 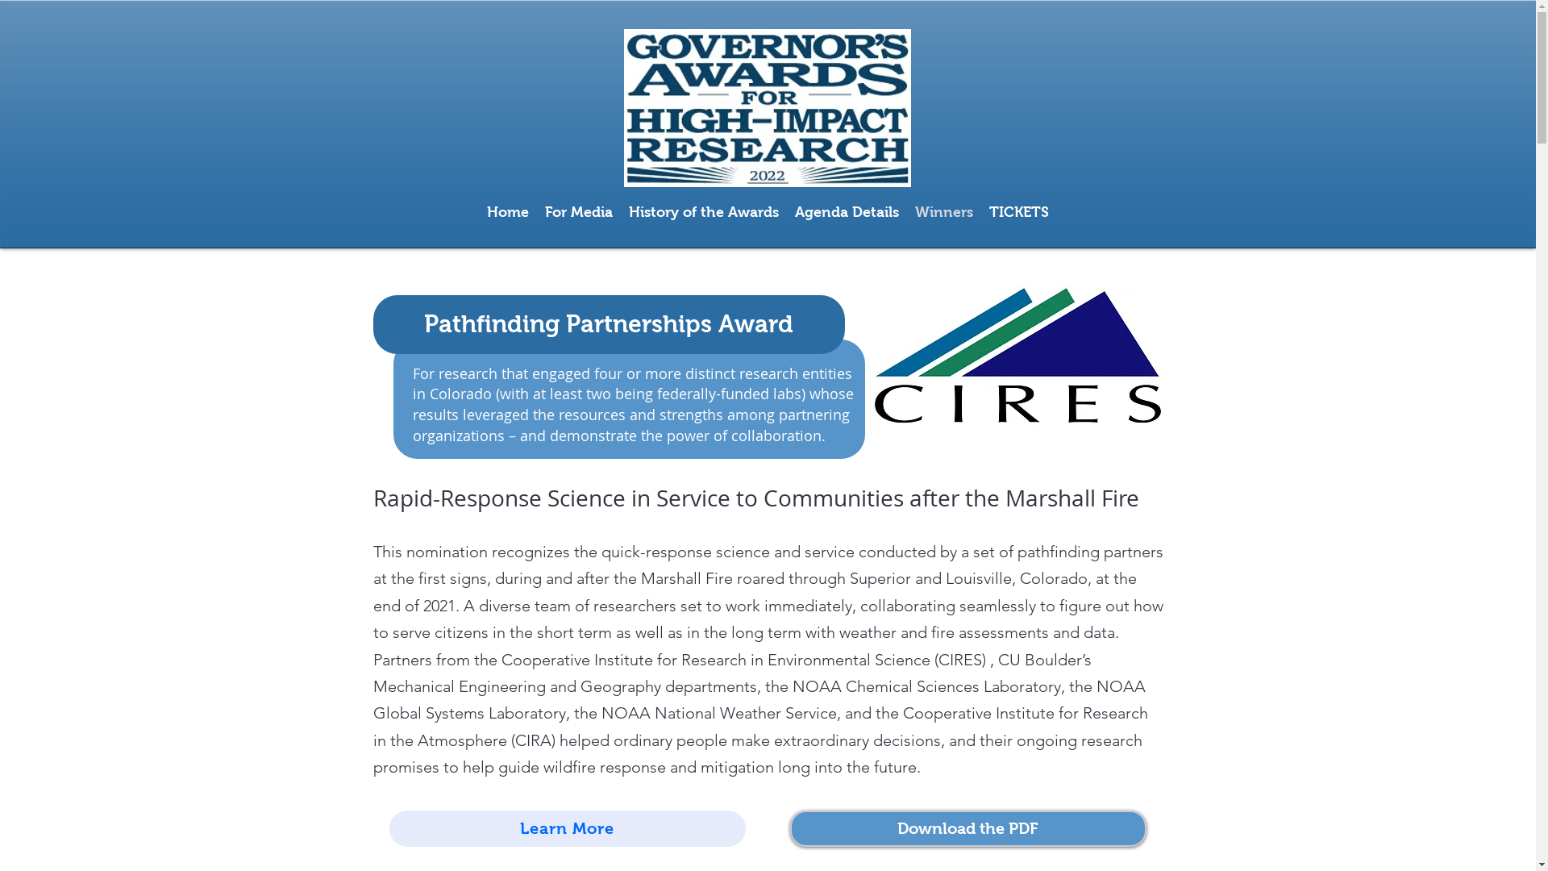 I want to click on 'History of the Awards', so click(x=704, y=210).